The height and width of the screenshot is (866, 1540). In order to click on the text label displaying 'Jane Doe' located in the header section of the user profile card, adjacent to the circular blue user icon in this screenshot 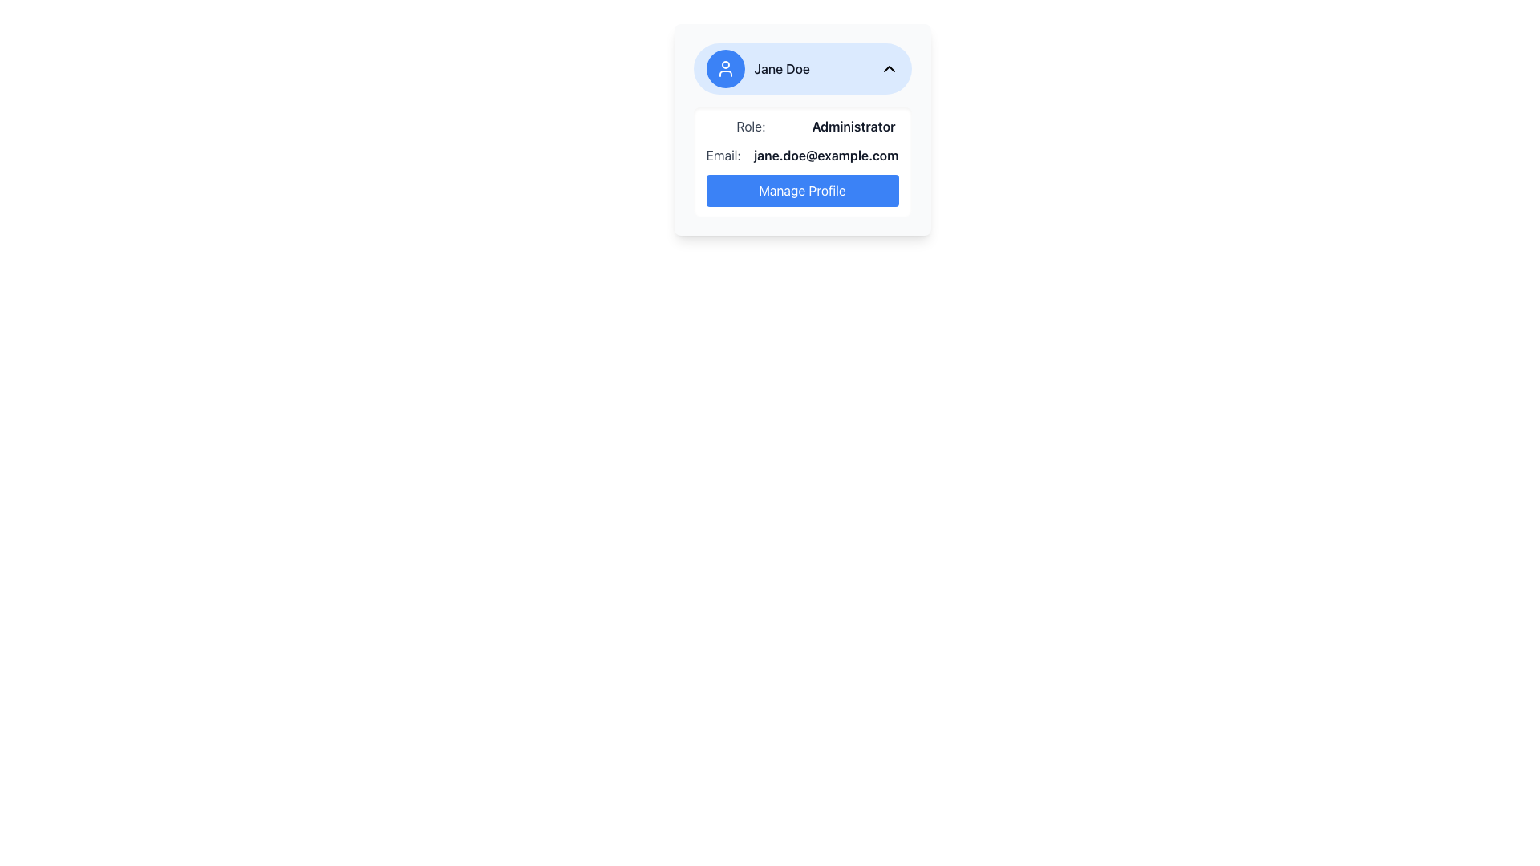, I will do `click(782, 67)`.